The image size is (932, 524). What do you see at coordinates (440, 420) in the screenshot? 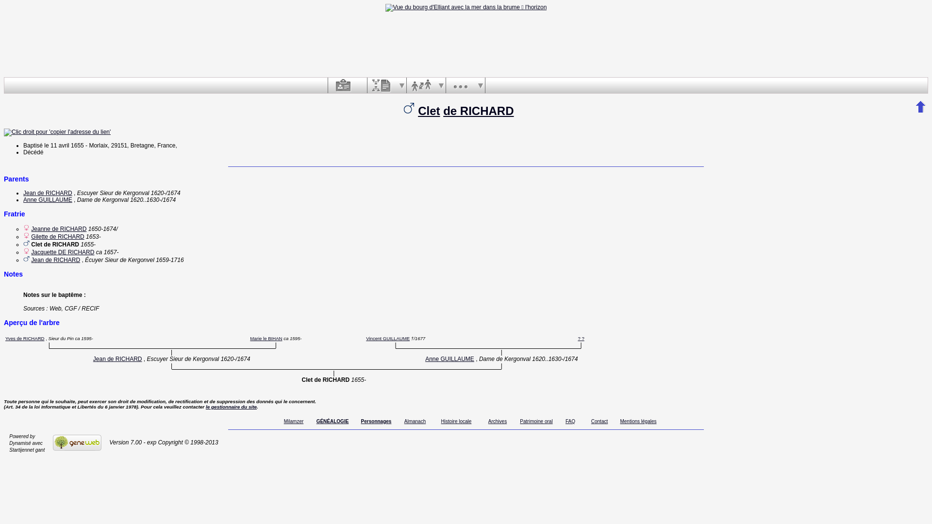
I see `'Histoire locale'` at bounding box center [440, 420].